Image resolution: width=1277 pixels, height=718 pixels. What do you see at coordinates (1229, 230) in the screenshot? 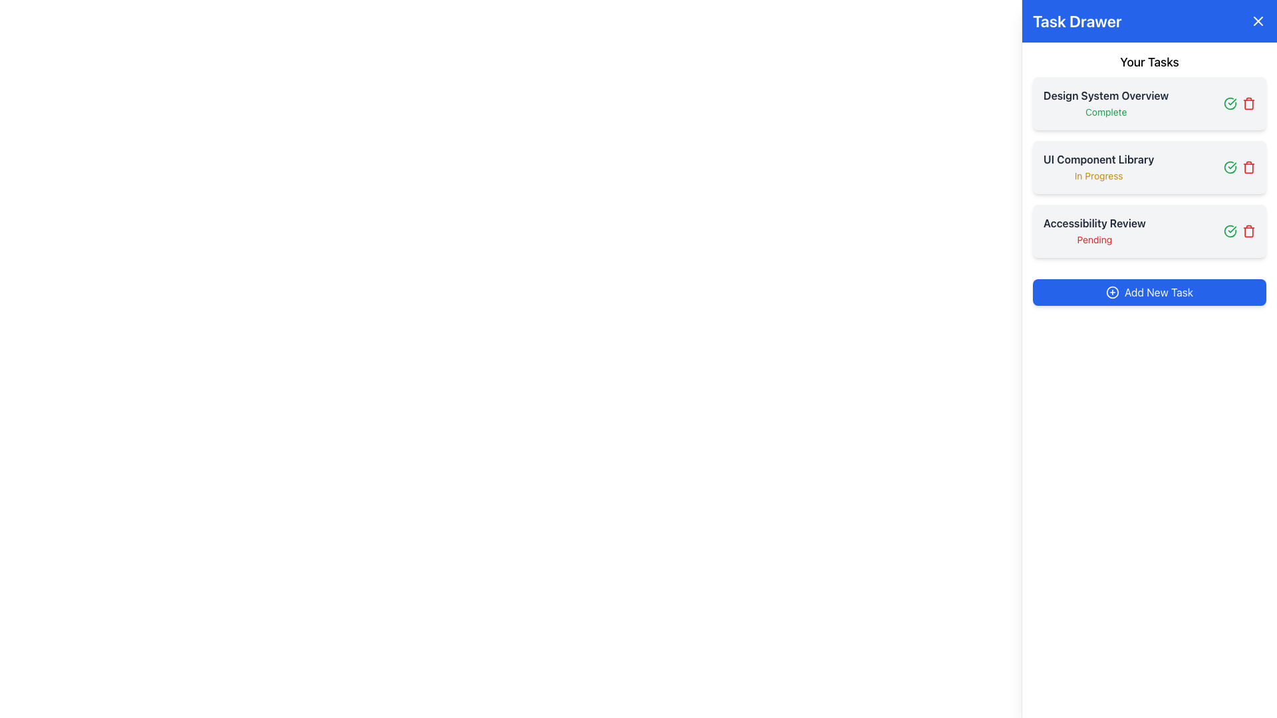
I see `the green circular icon button with a checkmark, located to the right of the 'Design System Overview' task listing in the Task Drawer` at bounding box center [1229, 230].